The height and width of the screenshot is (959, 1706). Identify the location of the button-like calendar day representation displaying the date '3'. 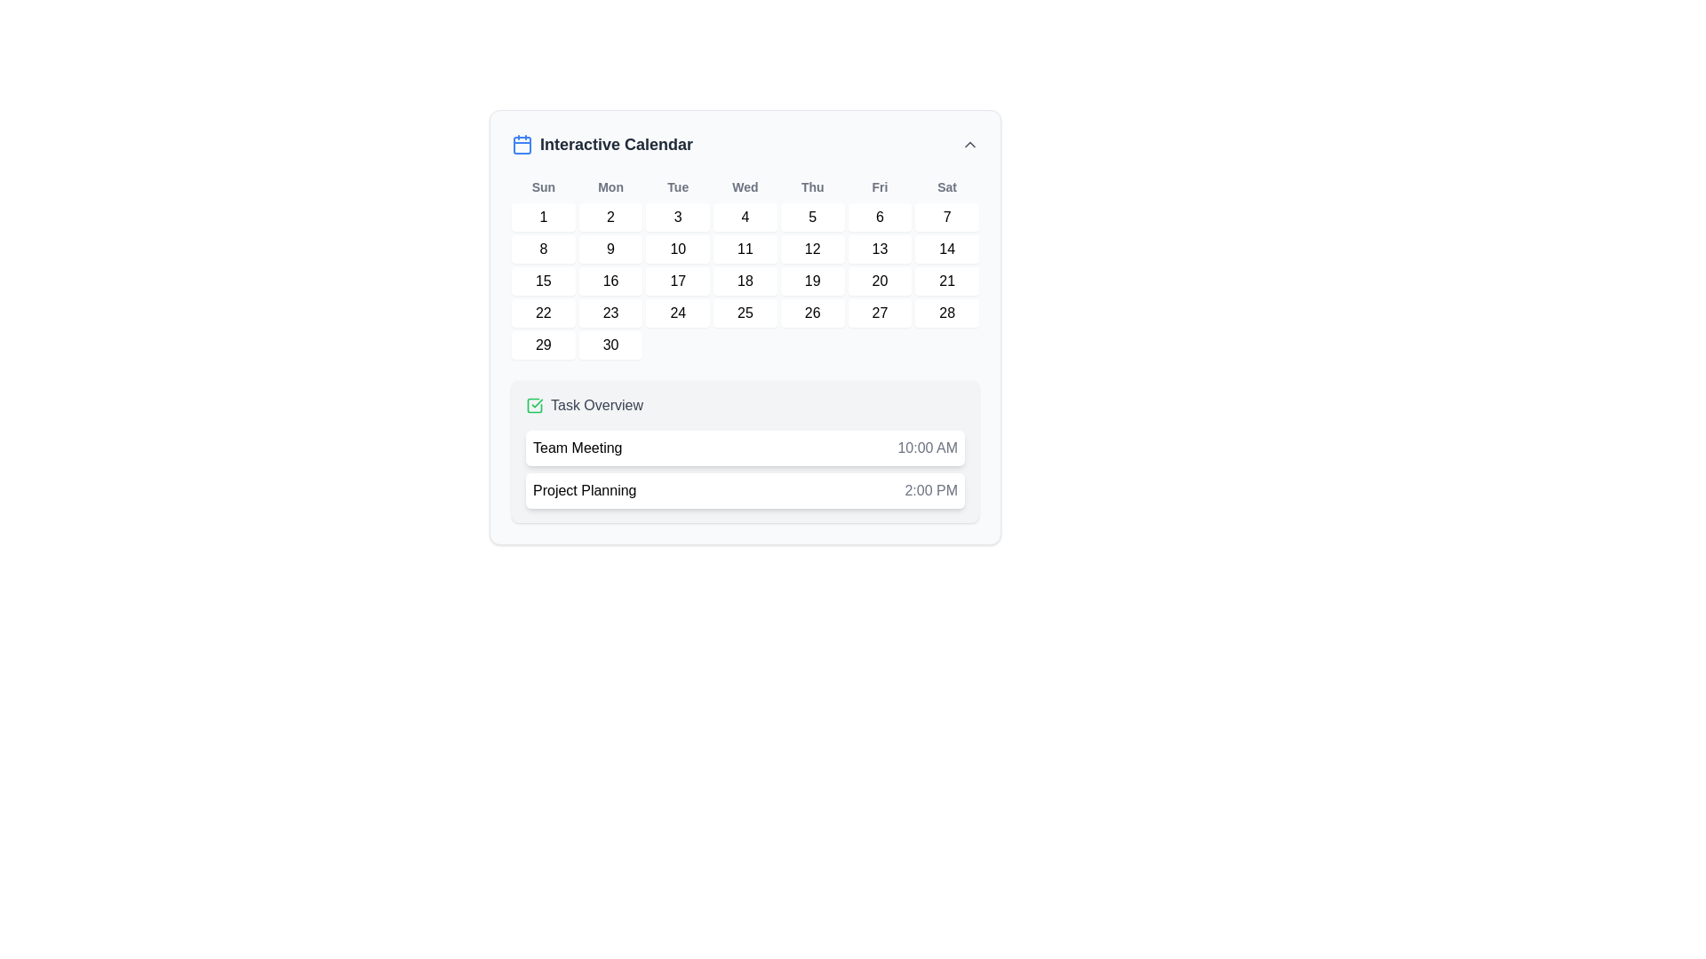
(677, 217).